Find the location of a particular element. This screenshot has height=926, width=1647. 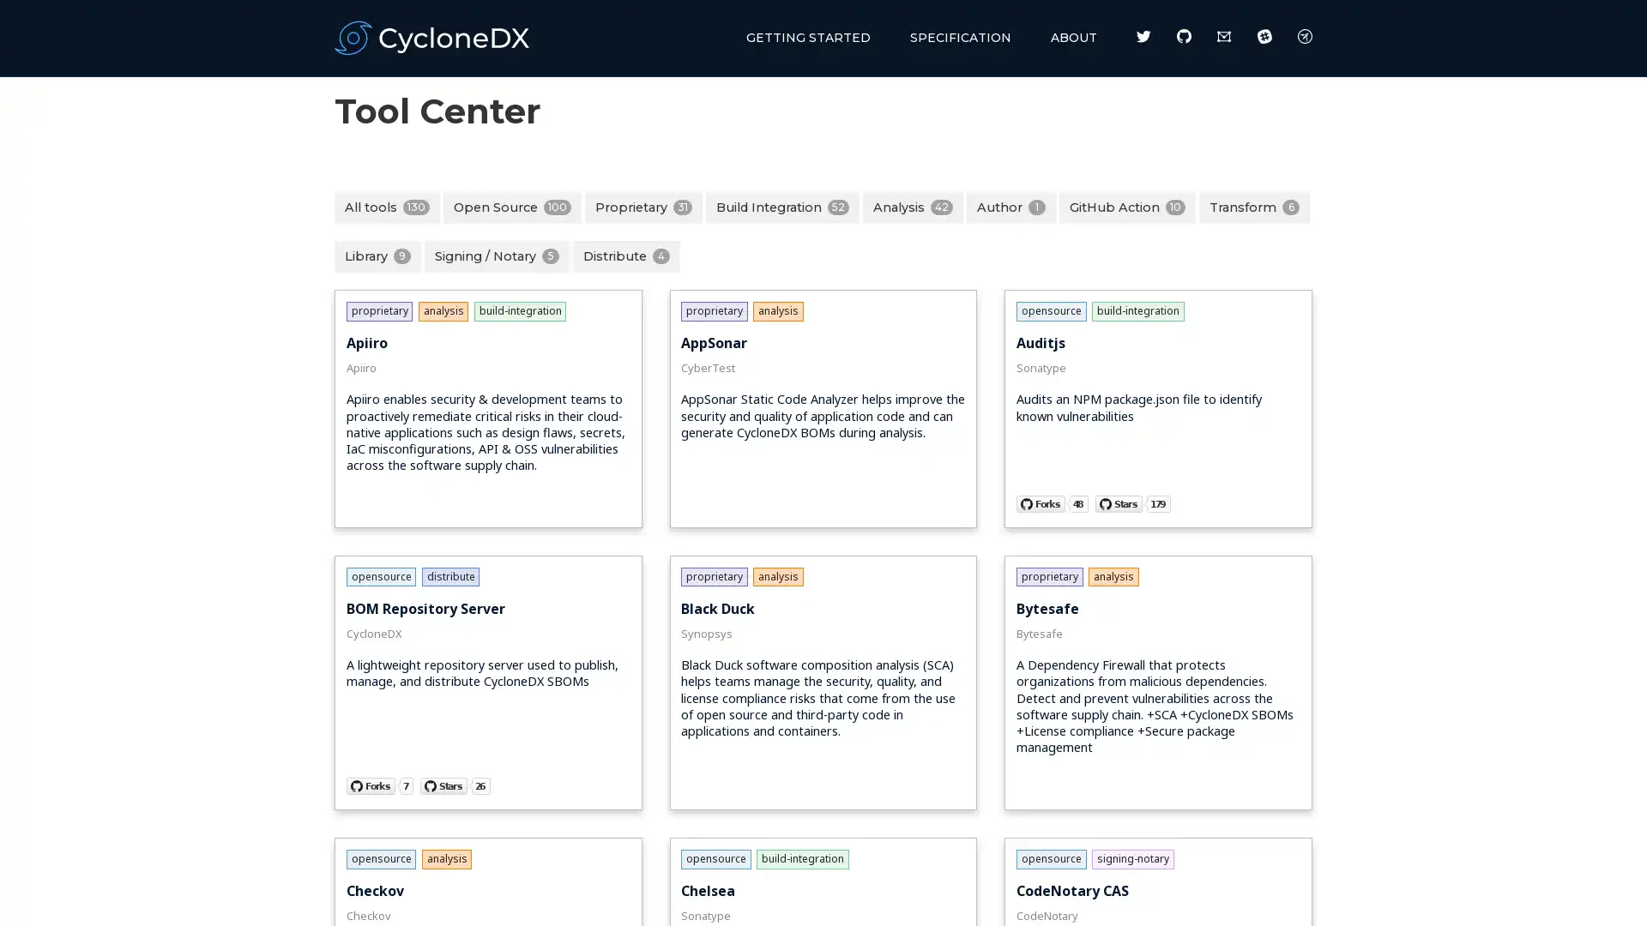

Open Source 100 is located at coordinates (511, 206).